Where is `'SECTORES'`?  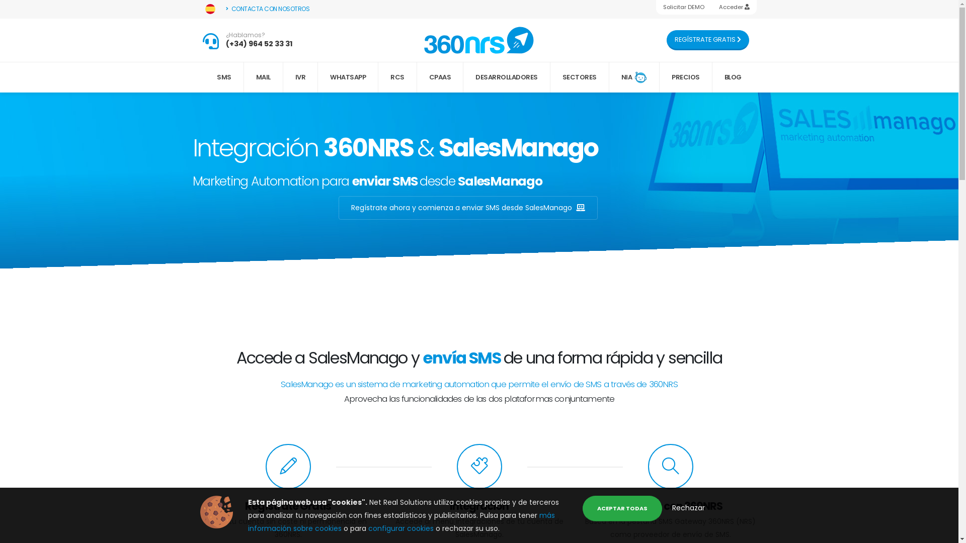 'SECTORES' is located at coordinates (580, 77).